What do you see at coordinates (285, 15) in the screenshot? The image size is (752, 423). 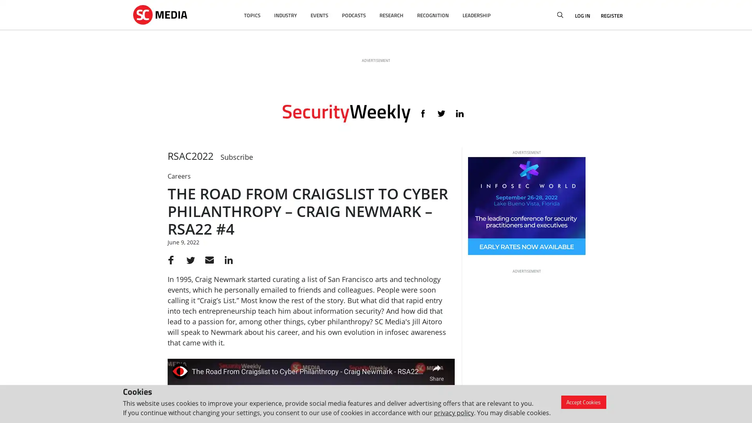 I see `INDUSTRY` at bounding box center [285, 15].